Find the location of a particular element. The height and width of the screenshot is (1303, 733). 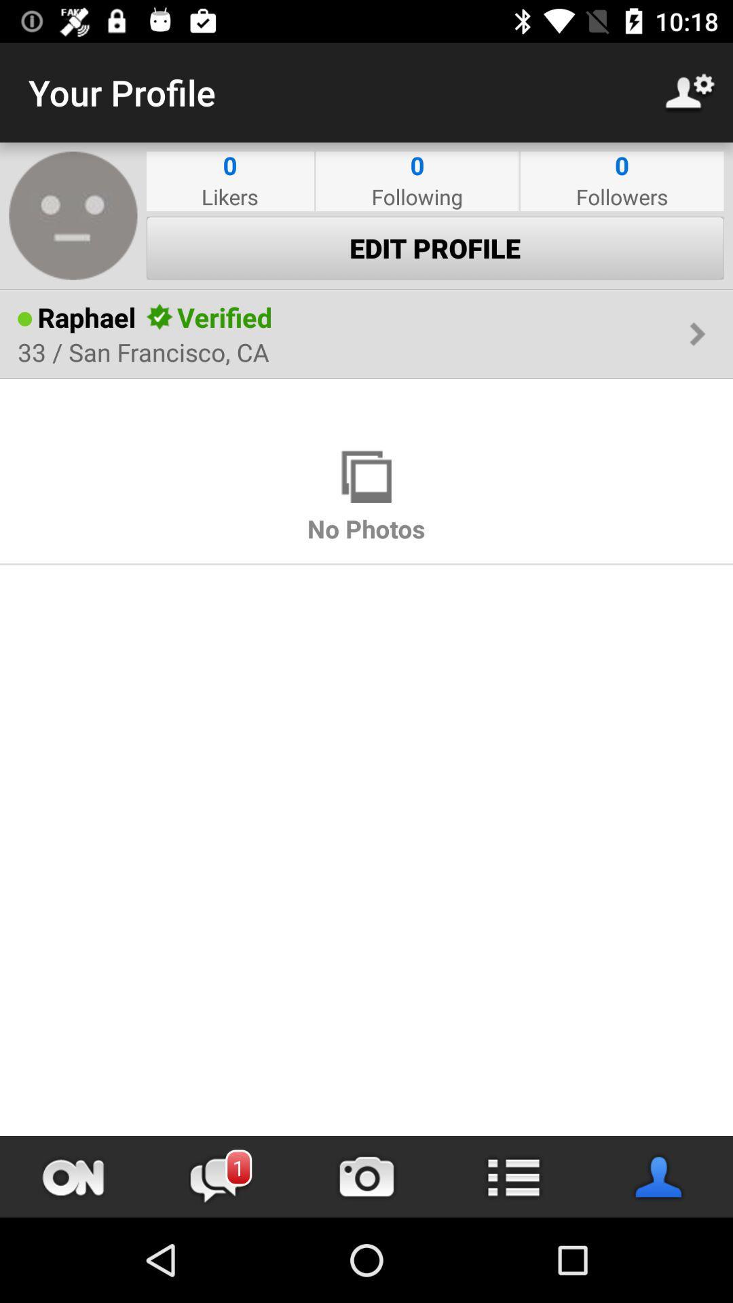

icon to the right of the following item is located at coordinates (622, 195).